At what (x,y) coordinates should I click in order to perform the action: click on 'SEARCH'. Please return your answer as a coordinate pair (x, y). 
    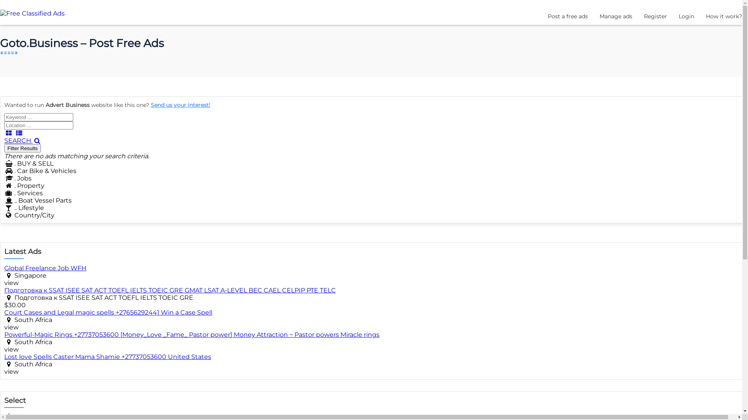
    Looking at the image, I should click on (23, 140).